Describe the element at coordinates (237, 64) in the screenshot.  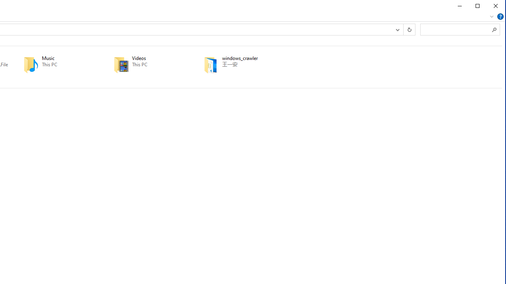
I see `'windows_crawler'` at that location.